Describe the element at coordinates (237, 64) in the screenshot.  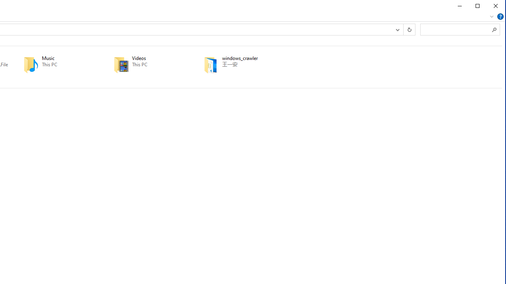
I see `'windows_crawler'` at that location.